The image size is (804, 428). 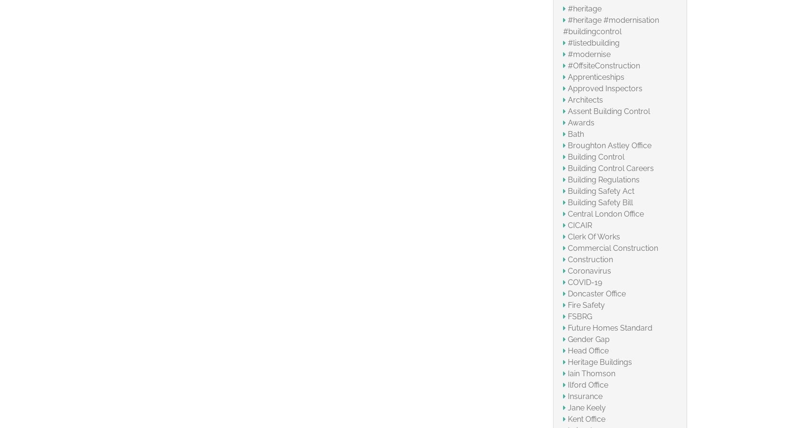 What do you see at coordinates (609, 327) in the screenshot?
I see `'Future Homes Standard'` at bounding box center [609, 327].